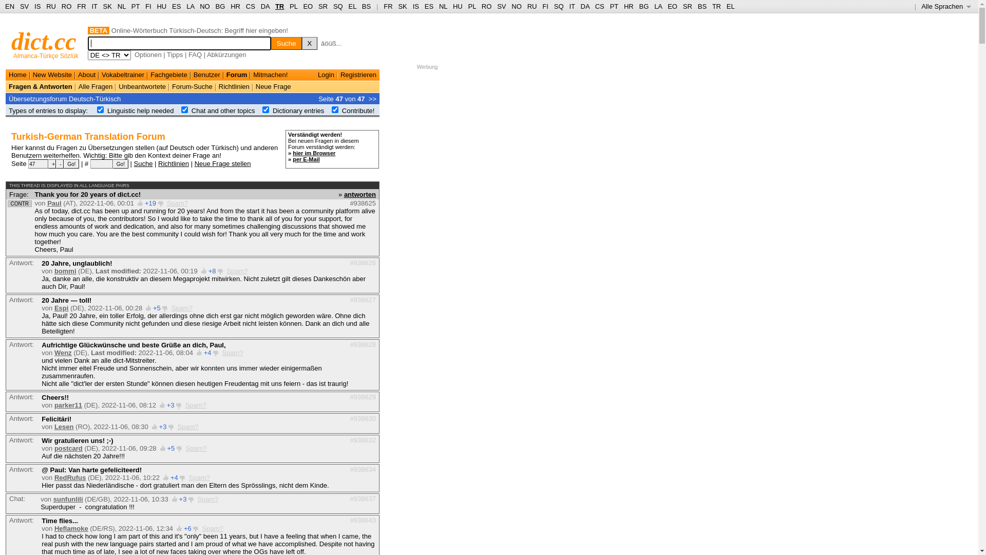 The width and height of the screenshot is (986, 555). Describe the element at coordinates (532, 6) in the screenshot. I see `'RU'` at that location.